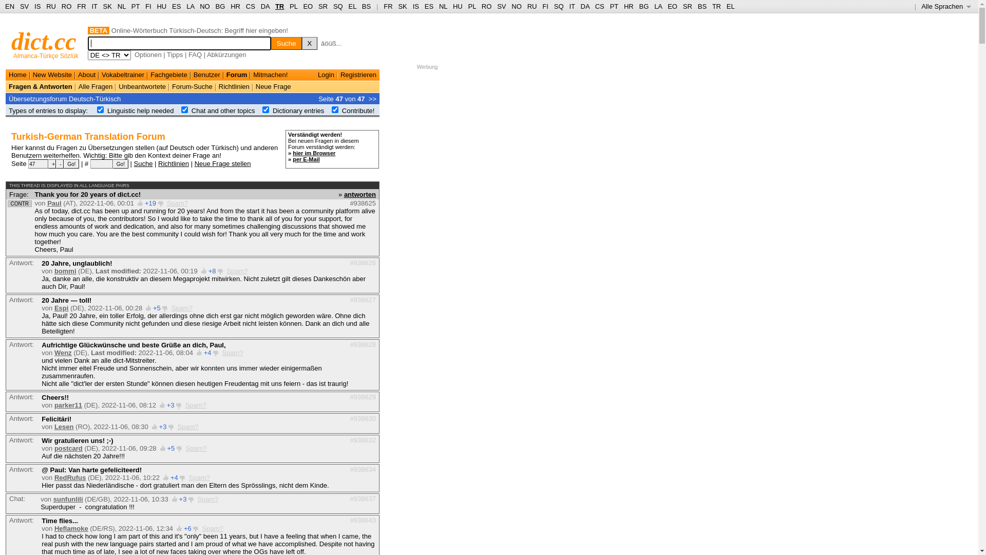 The width and height of the screenshot is (986, 555). Describe the element at coordinates (532, 6) in the screenshot. I see `'RU'` at that location.